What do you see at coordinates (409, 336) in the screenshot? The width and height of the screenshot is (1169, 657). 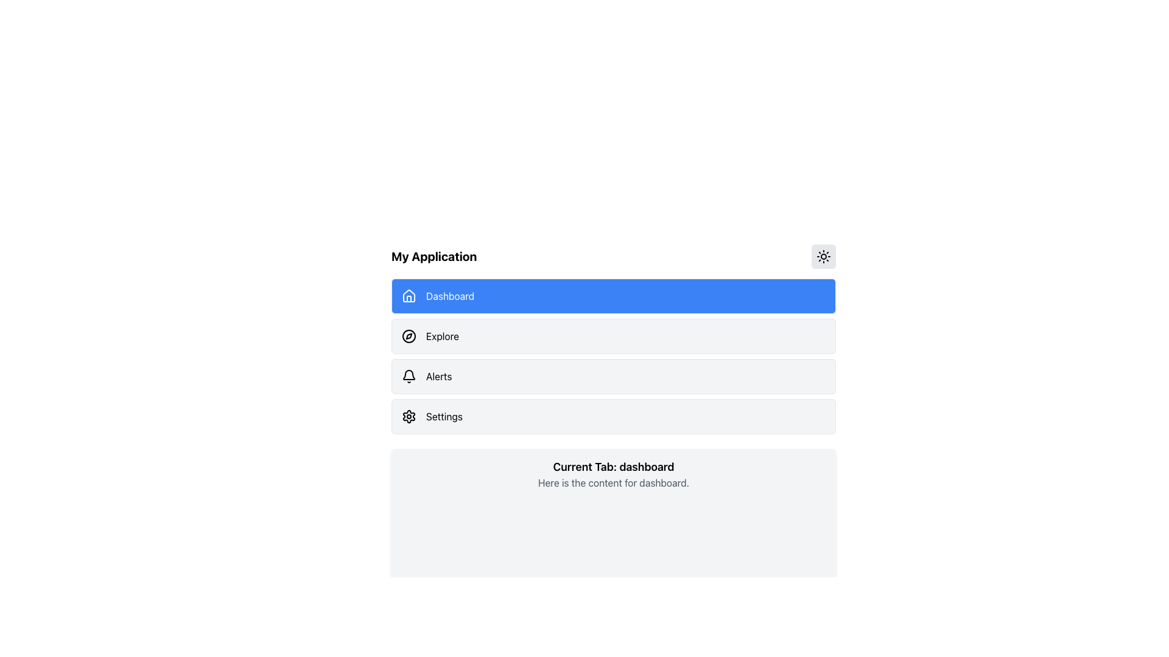 I see `the compass icon located inside the 'Explore' button, which is the second button in a vertical list, positioned to the immediate right of the panel boundary` at bounding box center [409, 336].